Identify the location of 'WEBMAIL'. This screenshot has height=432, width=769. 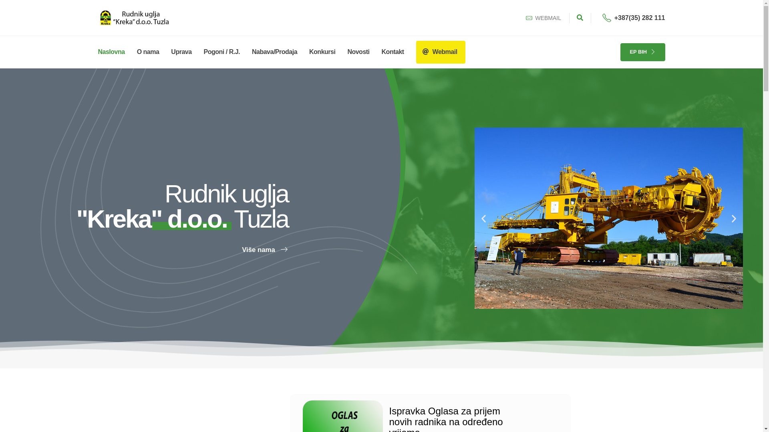
(543, 18).